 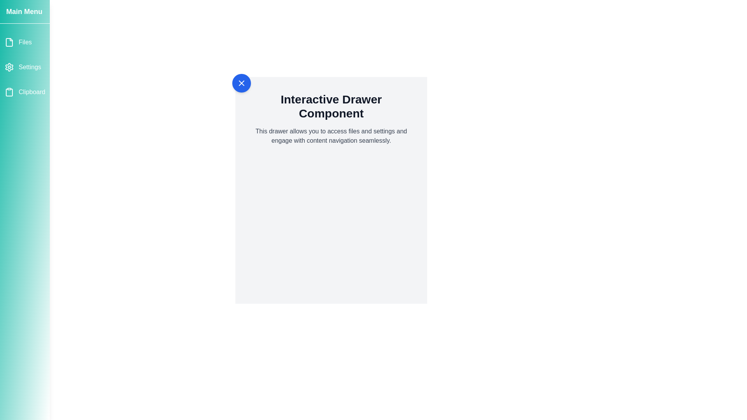 What do you see at coordinates (25, 42) in the screenshot?
I see `the menu item Files to observe the hover effect` at bounding box center [25, 42].